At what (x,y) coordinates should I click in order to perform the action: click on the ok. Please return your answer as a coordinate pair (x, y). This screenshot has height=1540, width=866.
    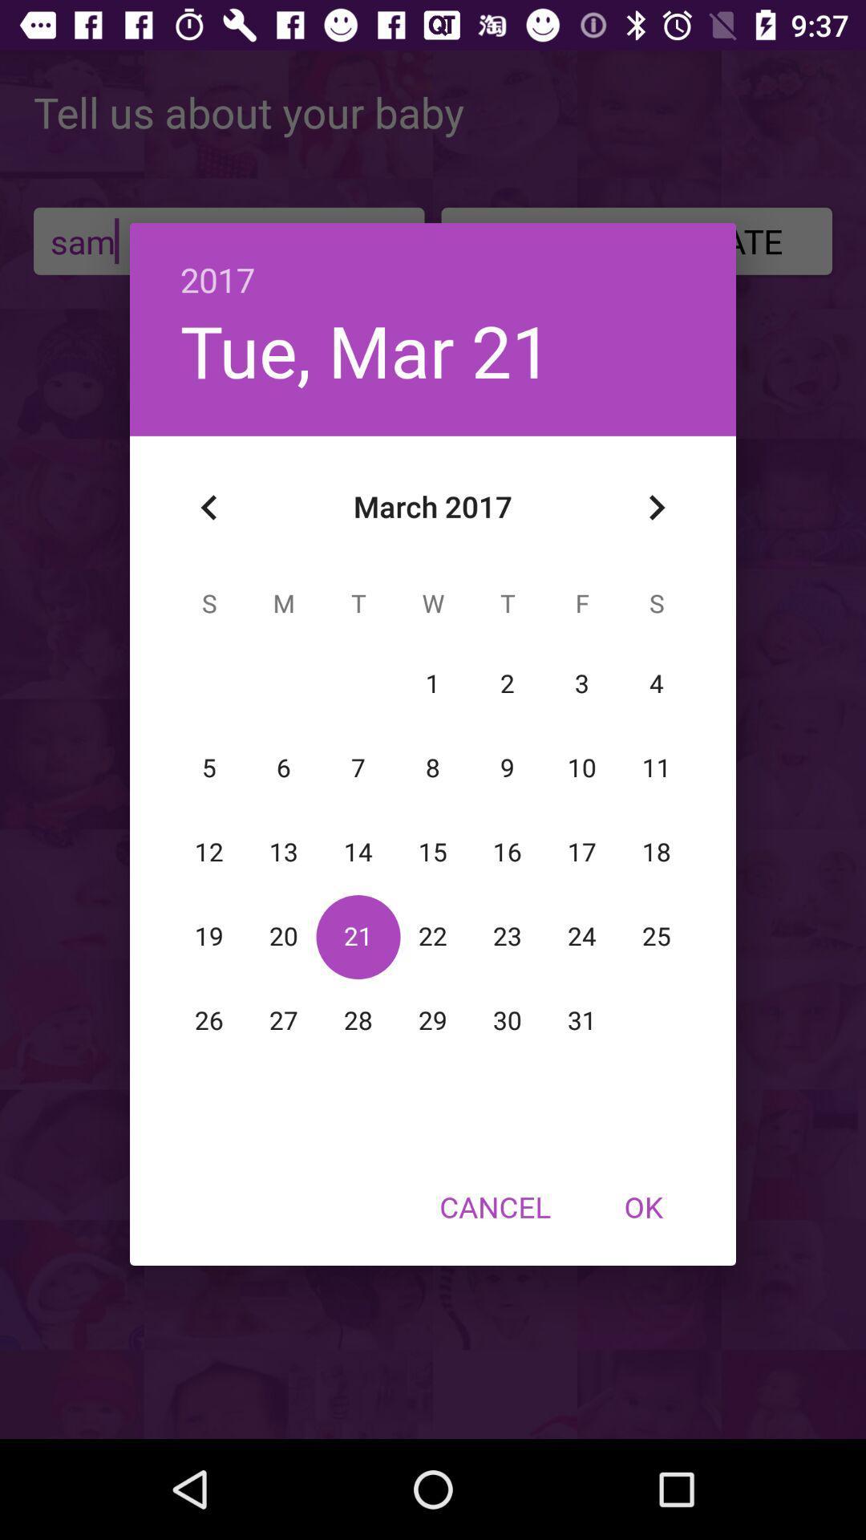
    Looking at the image, I should click on (642, 1206).